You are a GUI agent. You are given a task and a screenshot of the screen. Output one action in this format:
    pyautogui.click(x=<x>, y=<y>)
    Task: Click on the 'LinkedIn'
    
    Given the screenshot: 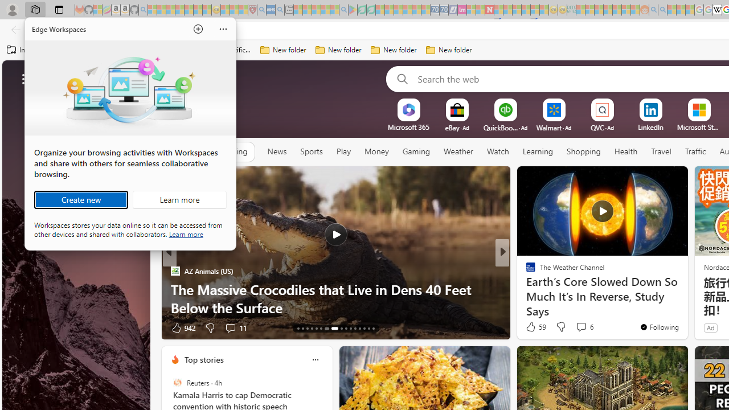 What is the action you would take?
    pyautogui.click(x=650, y=127)
    